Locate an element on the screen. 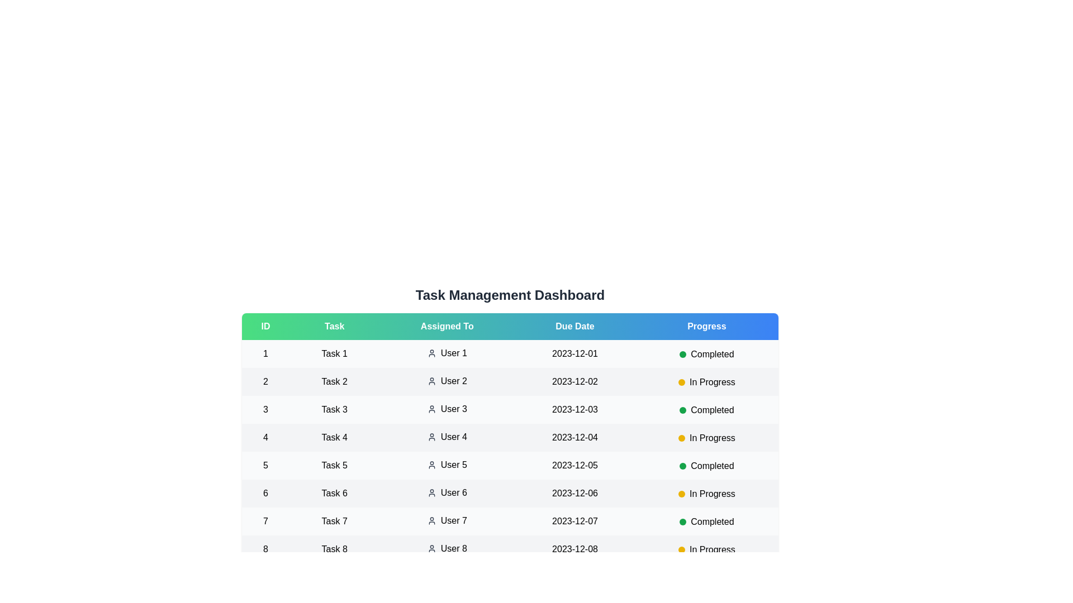 This screenshot has width=1073, height=603. the header row to highlight it for inspection is located at coordinates (509, 327).